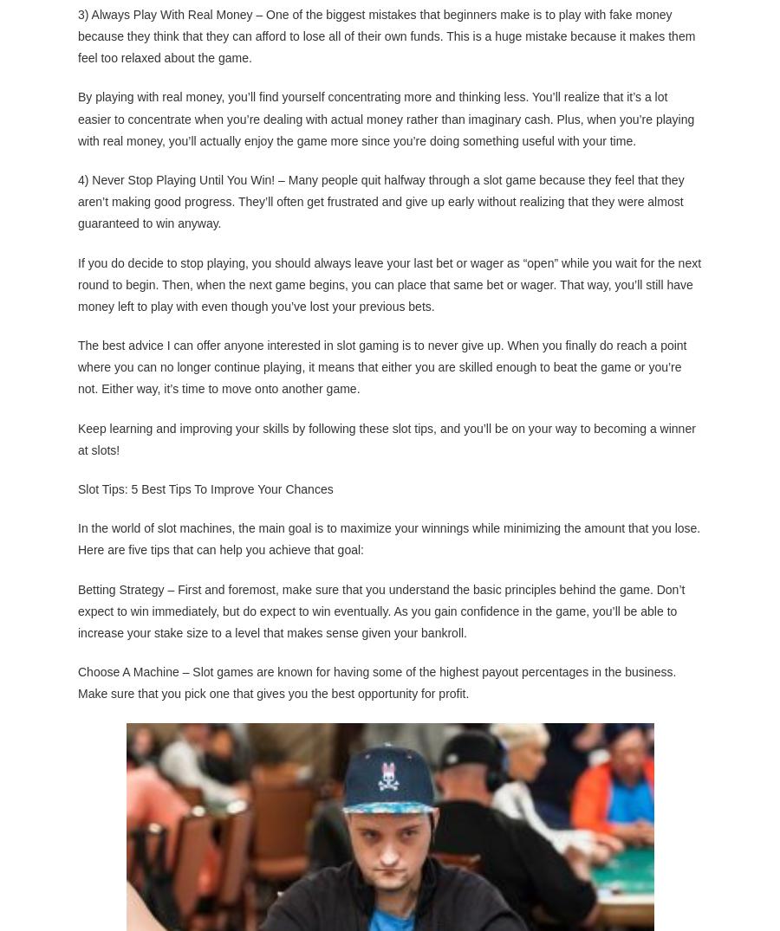  What do you see at coordinates (381, 609) in the screenshot?
I see `'Betting Strategy – First and foremost, make sure that you understand the basic principles behind the game. Don’t expect to win immediately, but do expect to win eventually. As you gain confidence in the game, you’ll be able to increase your stake size to a level that makes sense given your bankroll.'` at bounding box center [381, 609].